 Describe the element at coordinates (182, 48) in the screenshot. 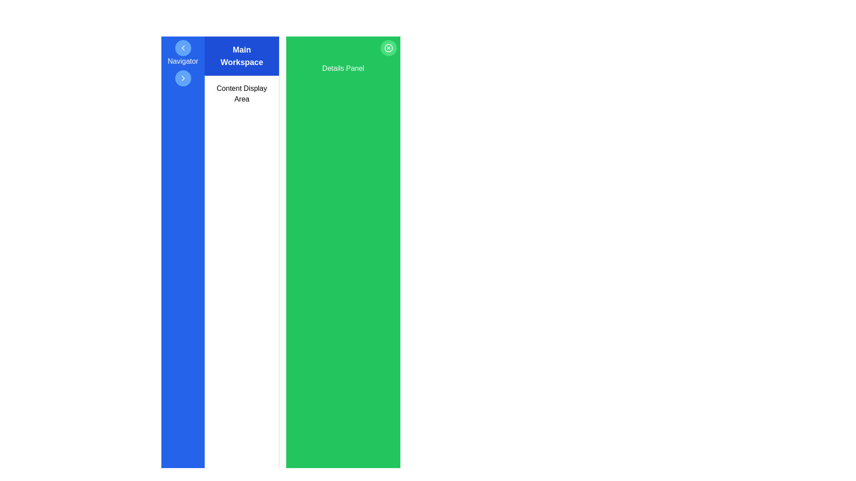

I see `the leftward navigational chevron icon located within the blue sidebar, directly below the 'Navigator' text label` at that location.